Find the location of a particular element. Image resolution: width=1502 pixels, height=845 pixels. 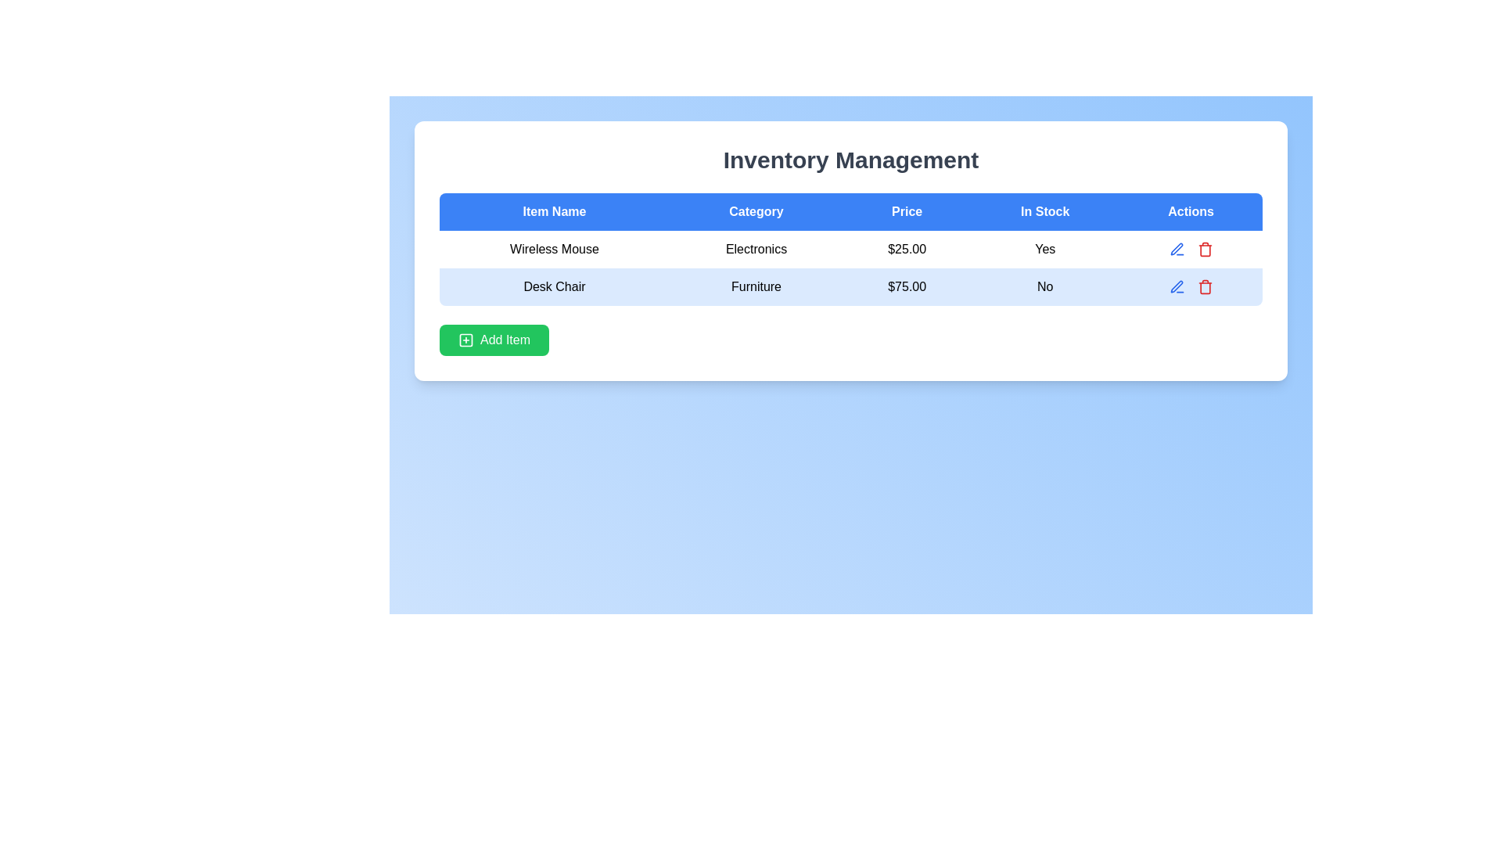

the static text label displaying 'Yes' in the 'In Stock' column for 'Wireless Mouse' located in the Inventory Management section is located at coordinates (1045, 249).